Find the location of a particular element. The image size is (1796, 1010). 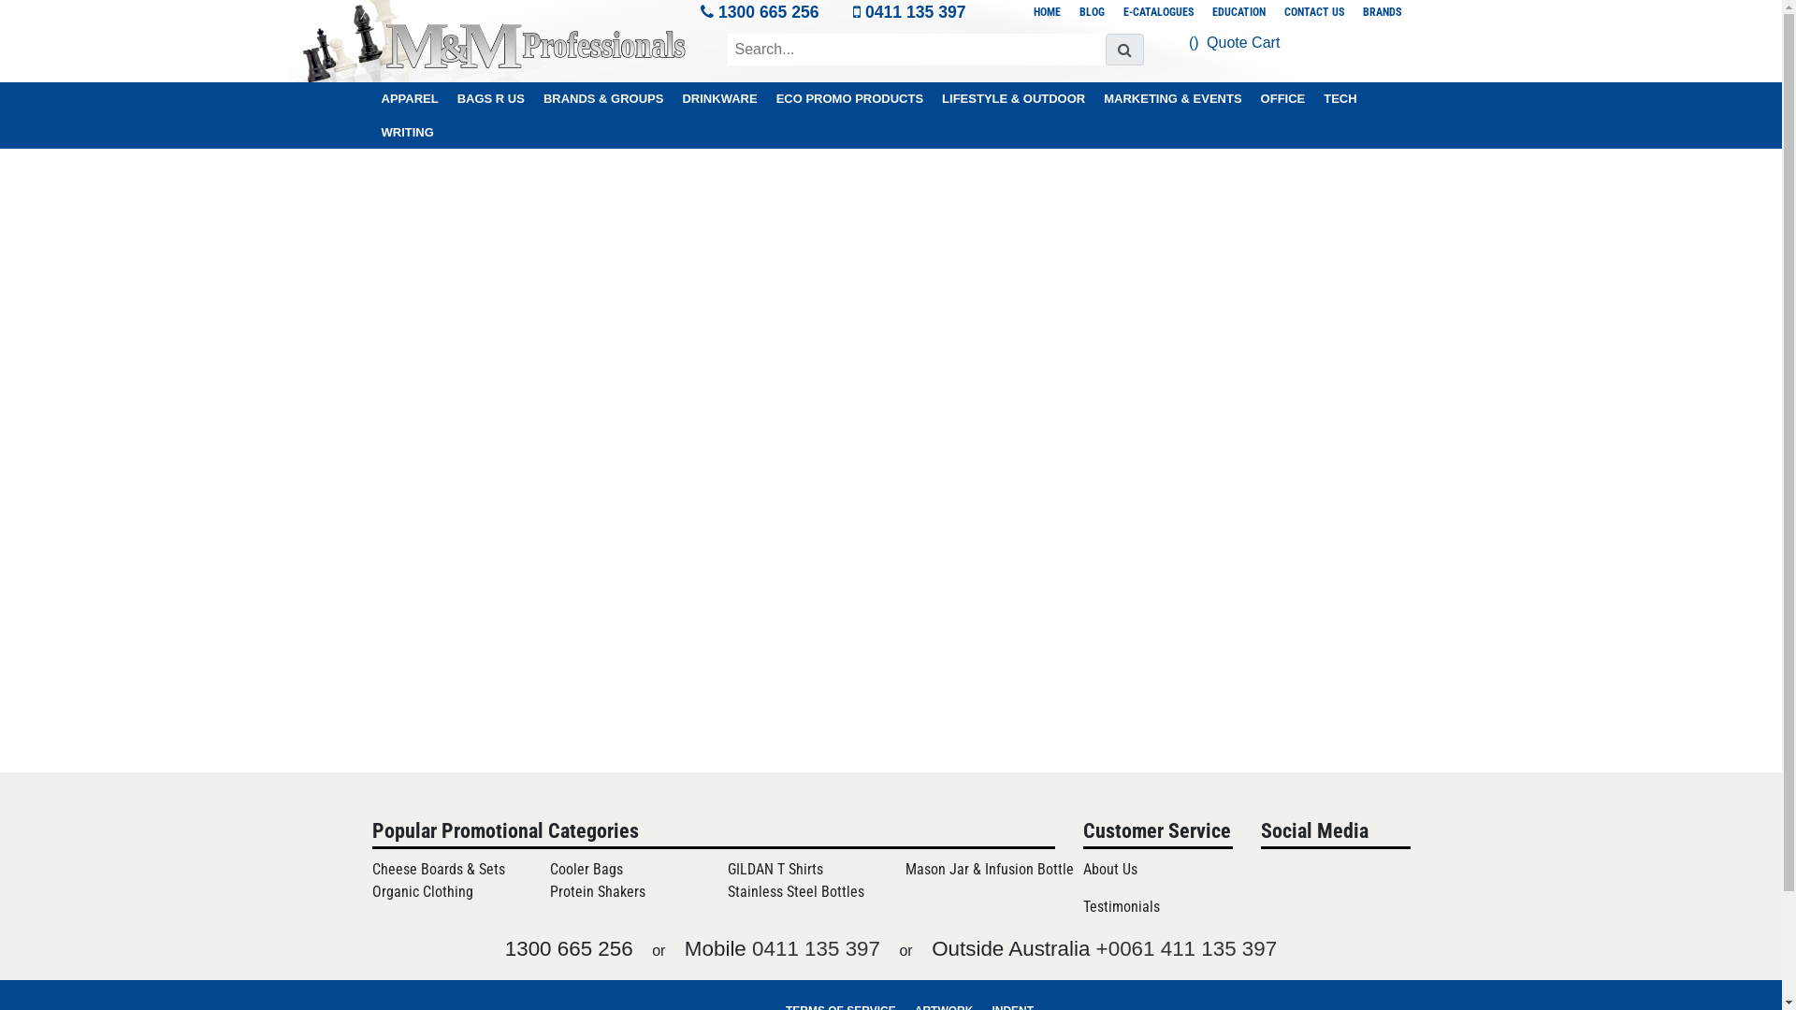

'GILDAN T Shirts' is located at coordinates (775, 869).